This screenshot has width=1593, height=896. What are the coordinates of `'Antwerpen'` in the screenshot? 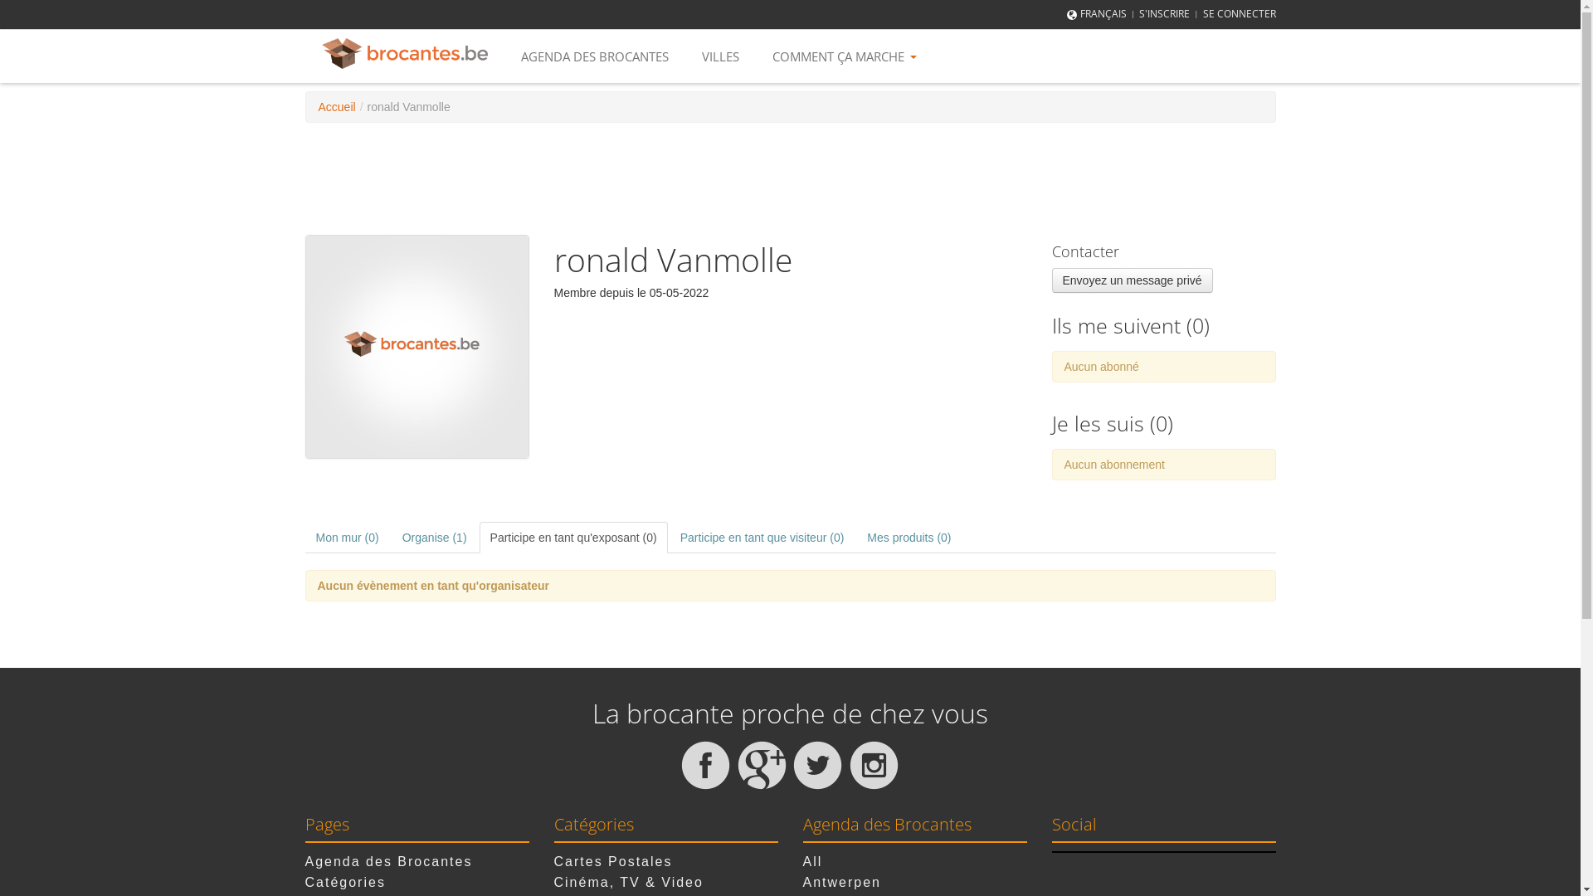 It's located at (842, 881).